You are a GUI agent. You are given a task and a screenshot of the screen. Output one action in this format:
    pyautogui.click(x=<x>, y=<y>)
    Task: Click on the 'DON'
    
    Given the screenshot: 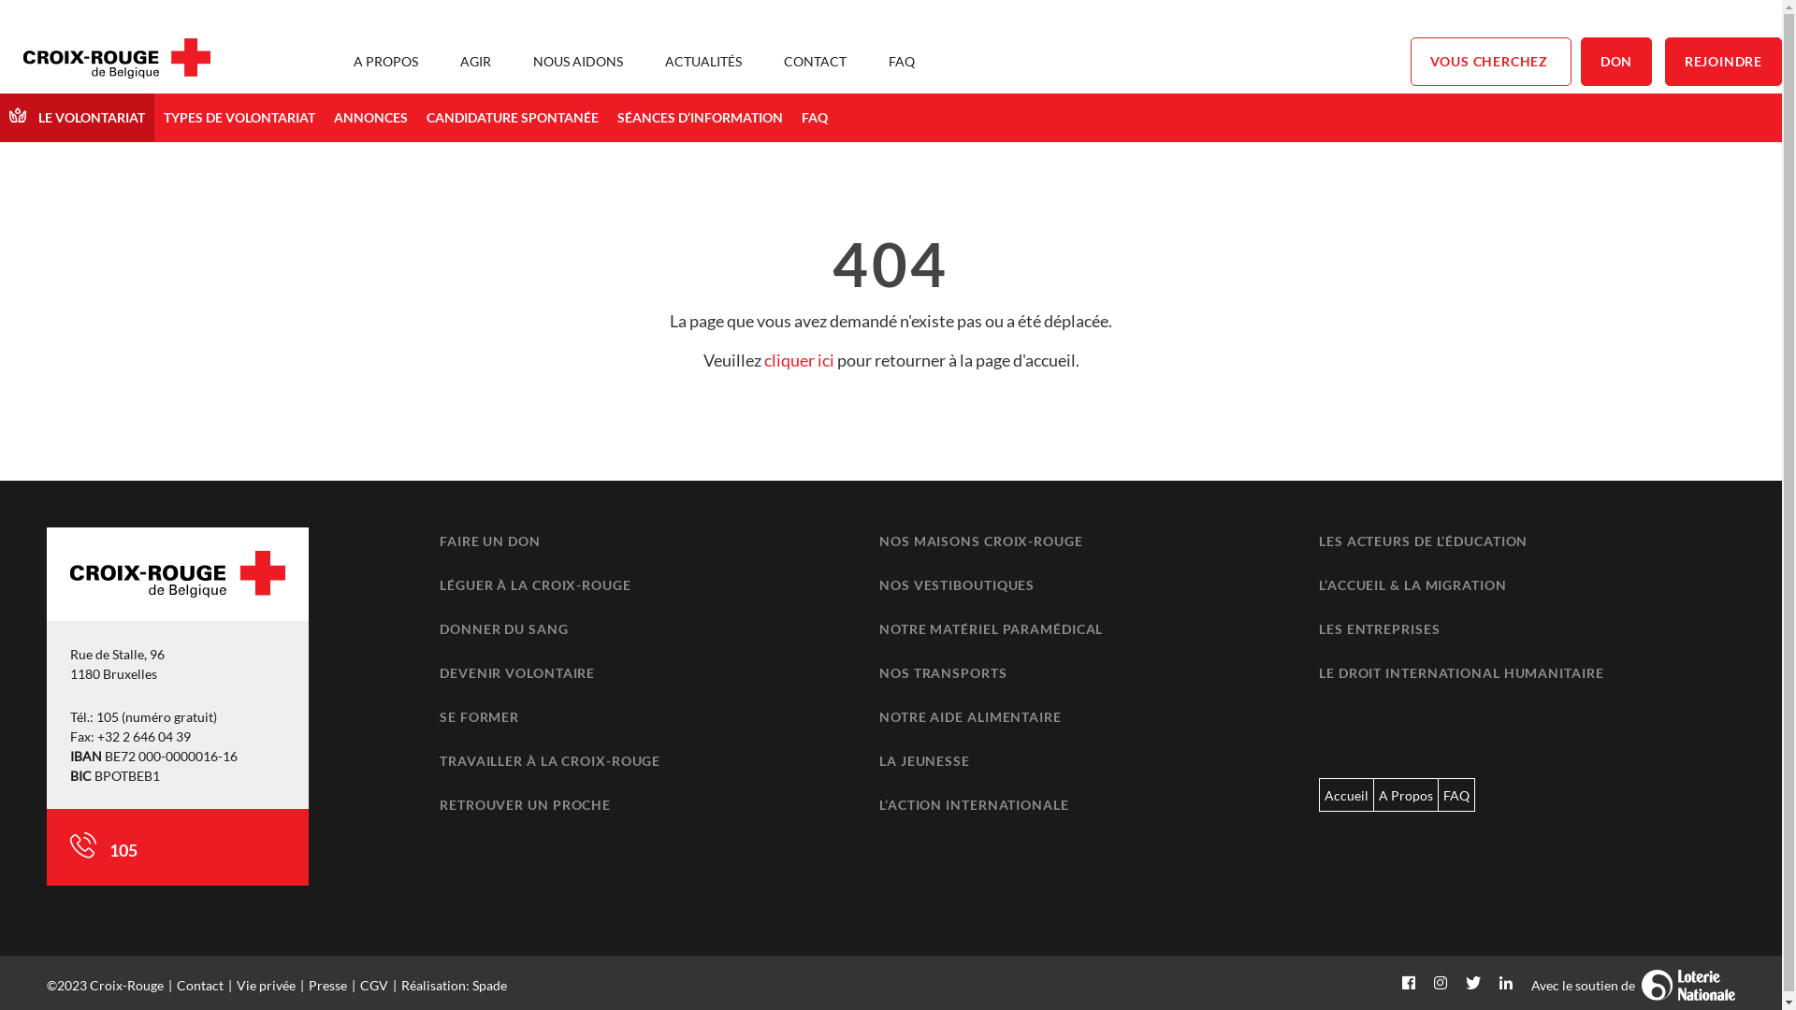 What is the action you would take?
    pyautogui.click(x=1615, y=60)
    